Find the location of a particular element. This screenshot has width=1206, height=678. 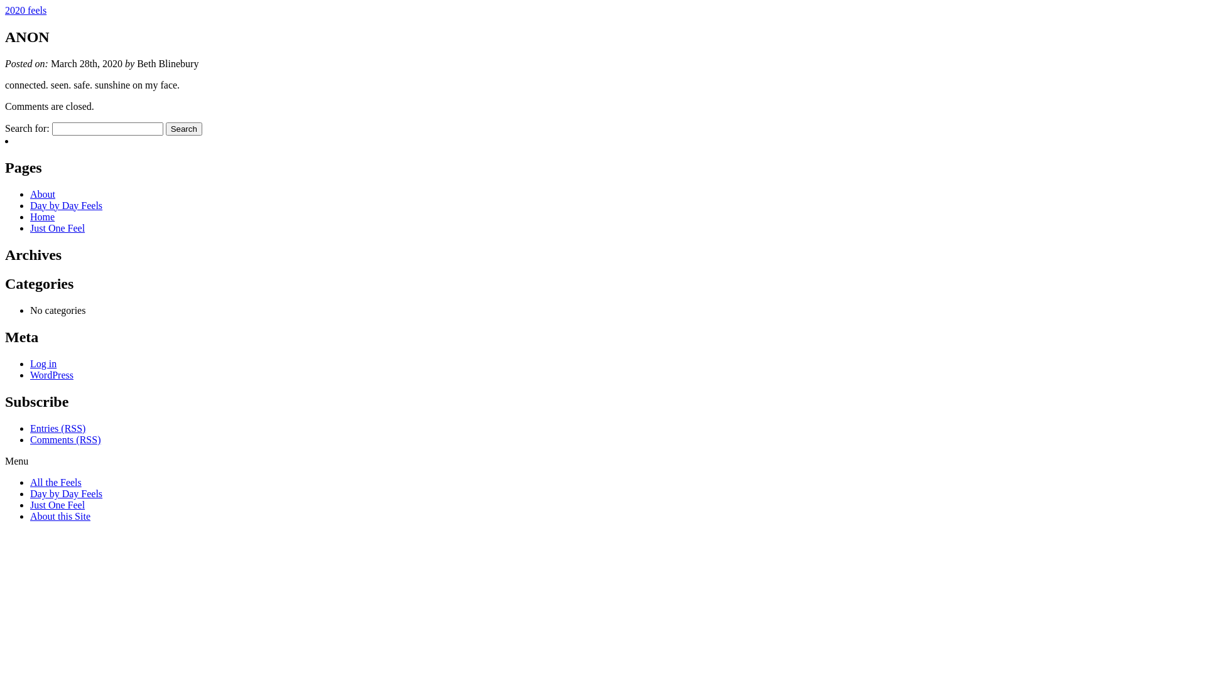

'About' is located at coordinates (30, 194).